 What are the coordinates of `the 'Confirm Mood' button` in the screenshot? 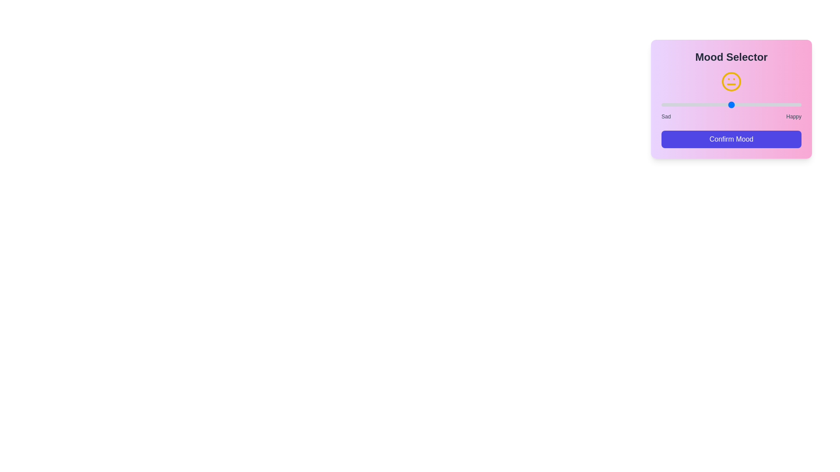 It's located at (731, 139).